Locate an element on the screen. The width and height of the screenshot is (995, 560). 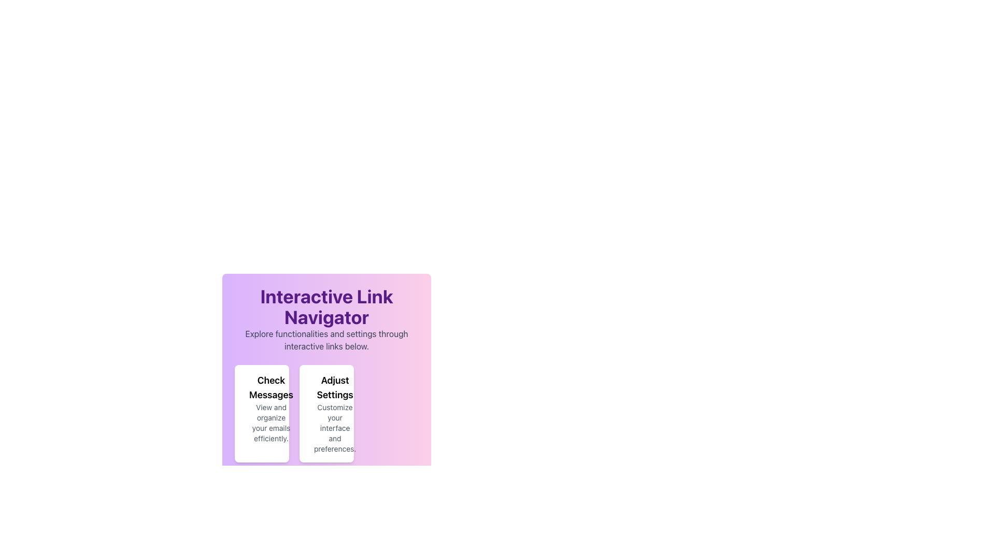
the text label that says 'Customize your interface and preferences.' located under the 'Adjust Settings' heading in the settings block is located at coordinates (335, 428).